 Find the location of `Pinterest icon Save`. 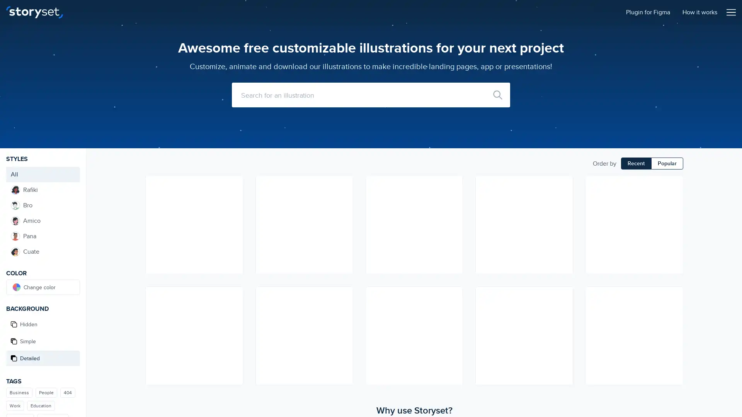

Pinterest icon Save is located at coordinates (343, 213).